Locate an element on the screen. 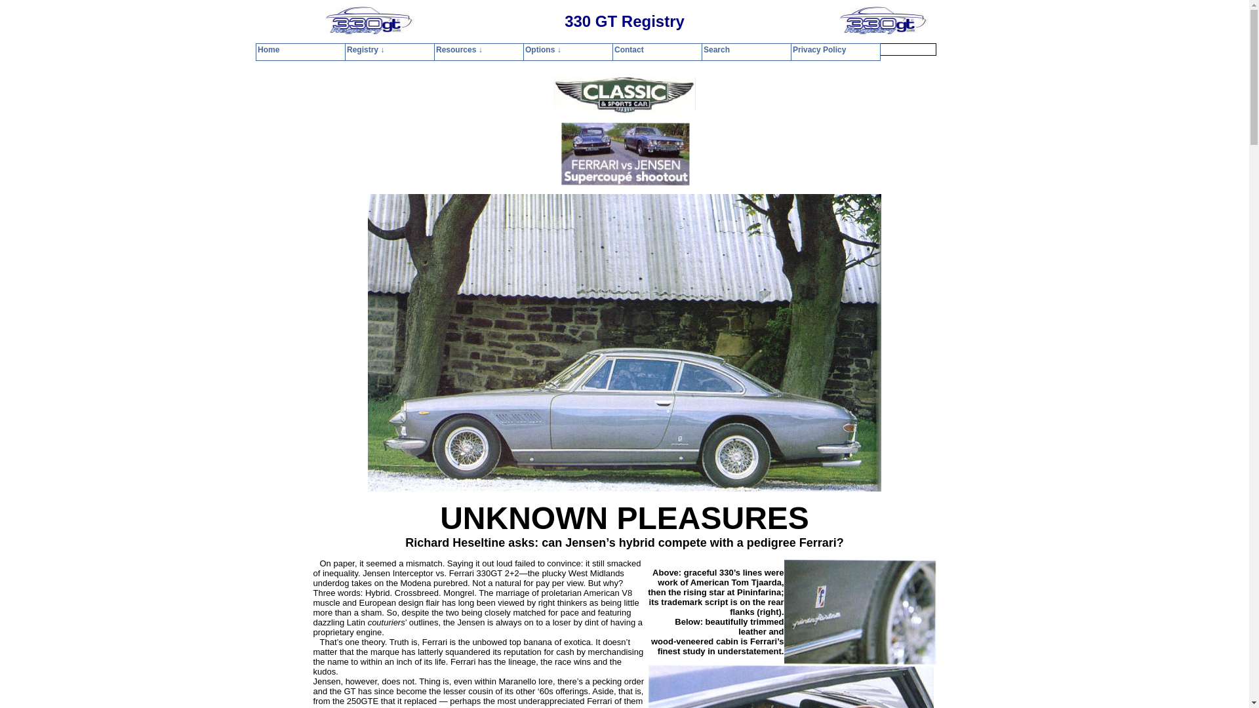  'Home' is located at coordinates (490, 49).